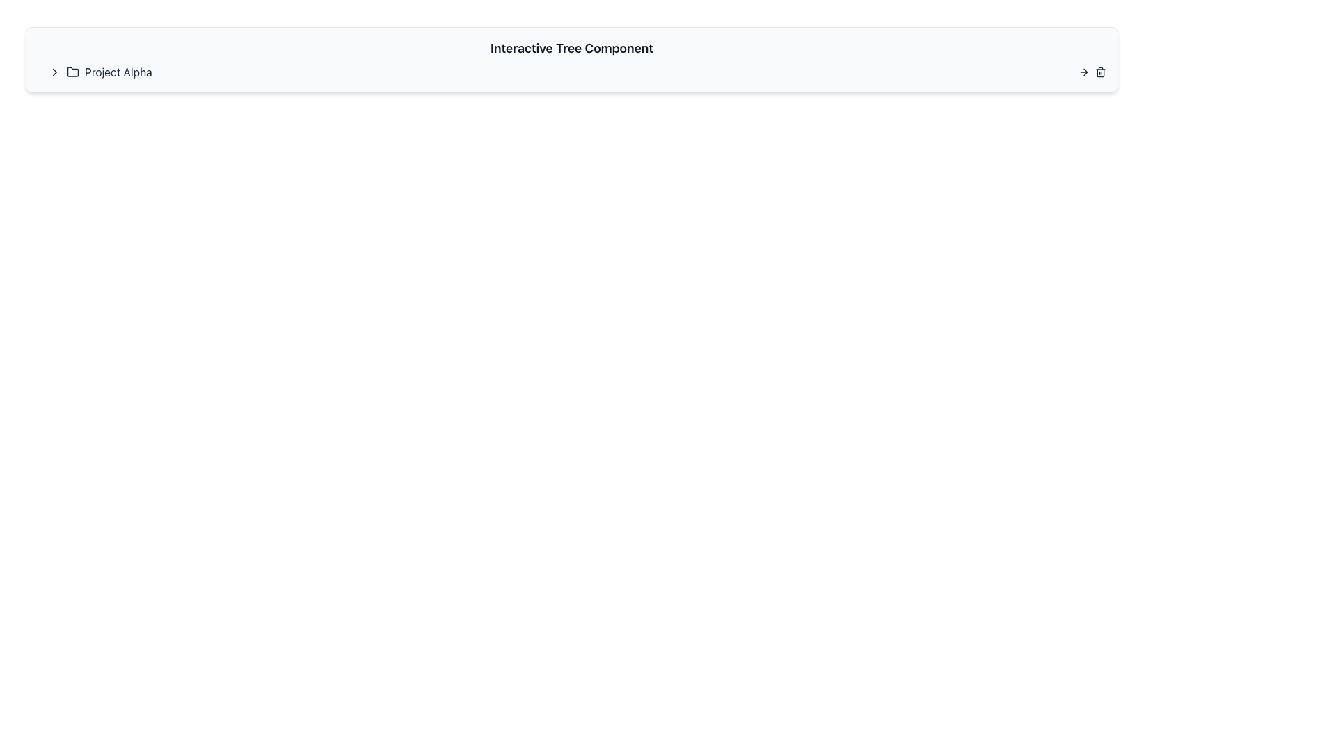  I want to click on the trash can icon located in the top-right corner of the list item labeled 'Project Alpha' to initiate a delete action, so click(1091, 72).